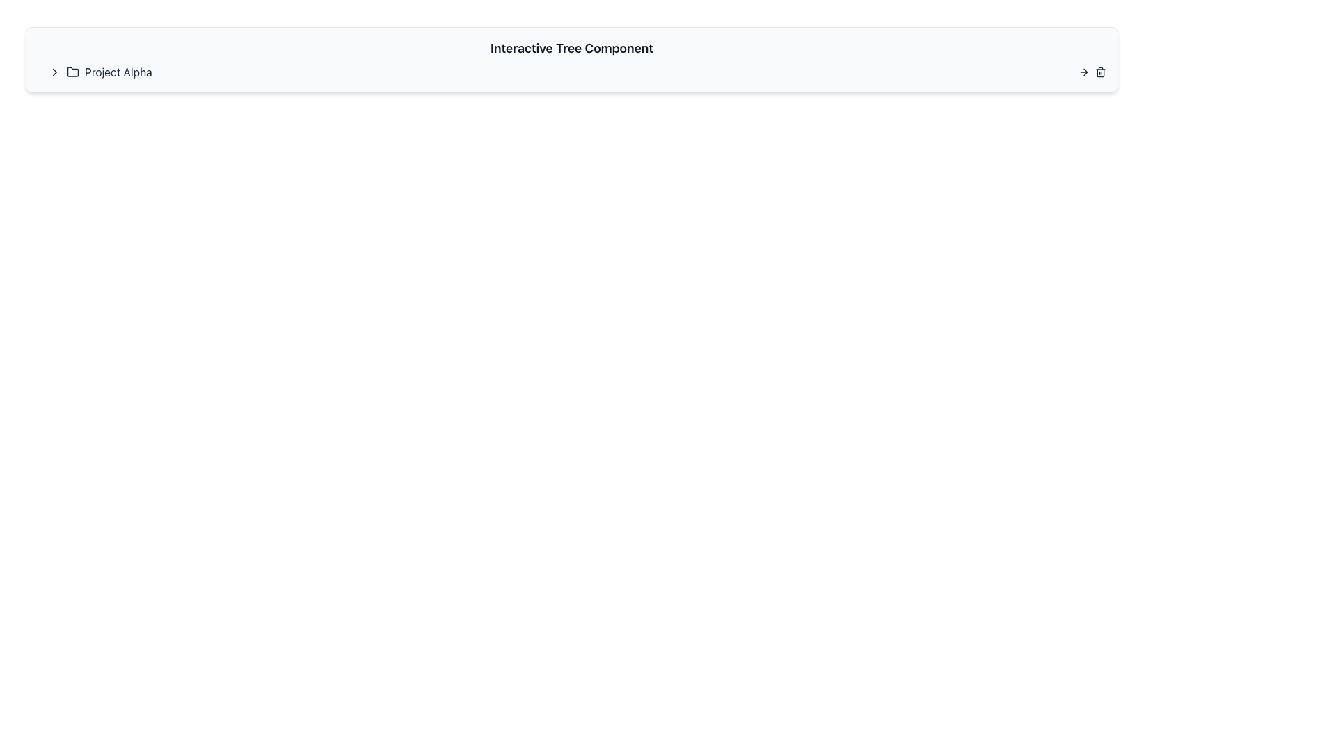  I want to click on the trash can icon located in the top-right corner of the list item labeled 'Project Alpha' to initiate a delete action, so click(1091, 72).